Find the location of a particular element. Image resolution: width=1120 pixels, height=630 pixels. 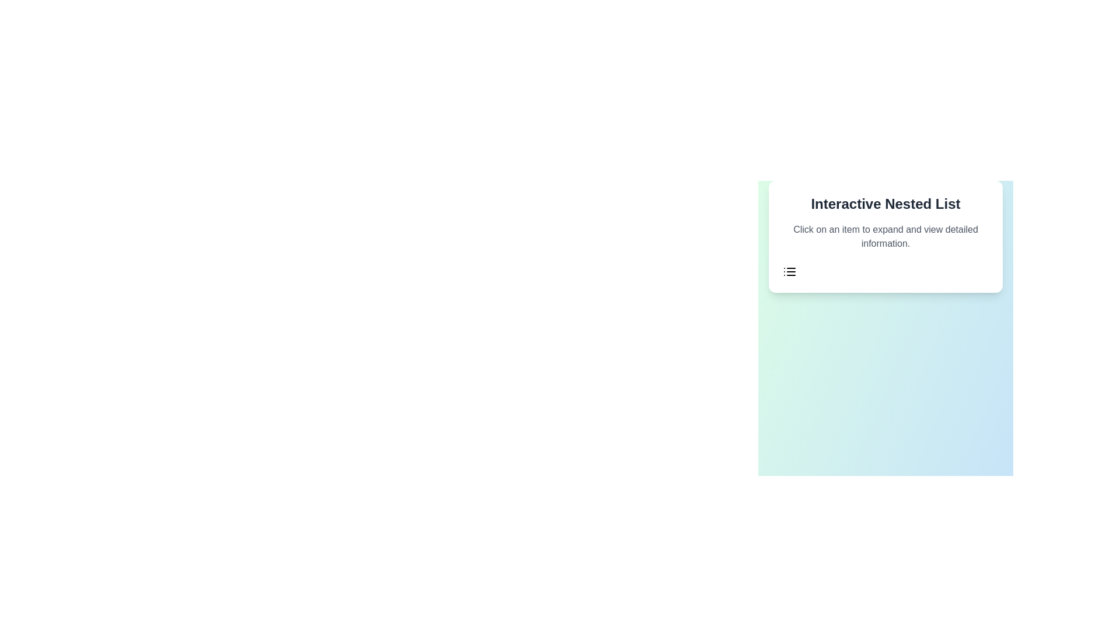

the title Static Text element located at the top of the card, which indicates the content or functionality represented by the card is located at coordinates (885, 204).